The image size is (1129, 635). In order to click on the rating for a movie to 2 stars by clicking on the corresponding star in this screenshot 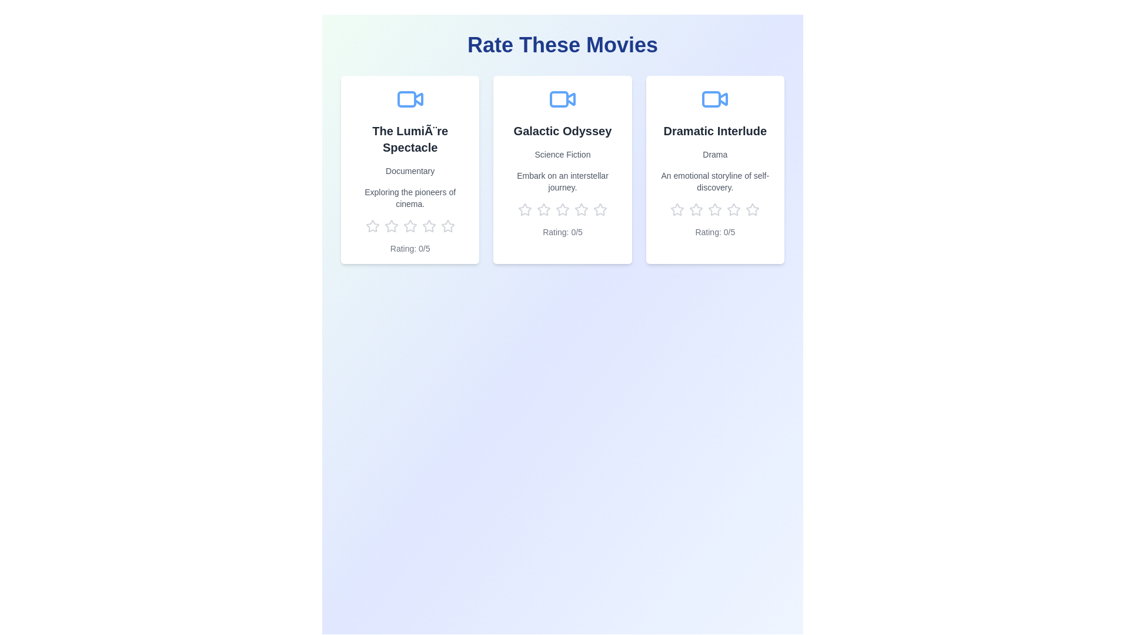, I will do `click(384, 226)`.